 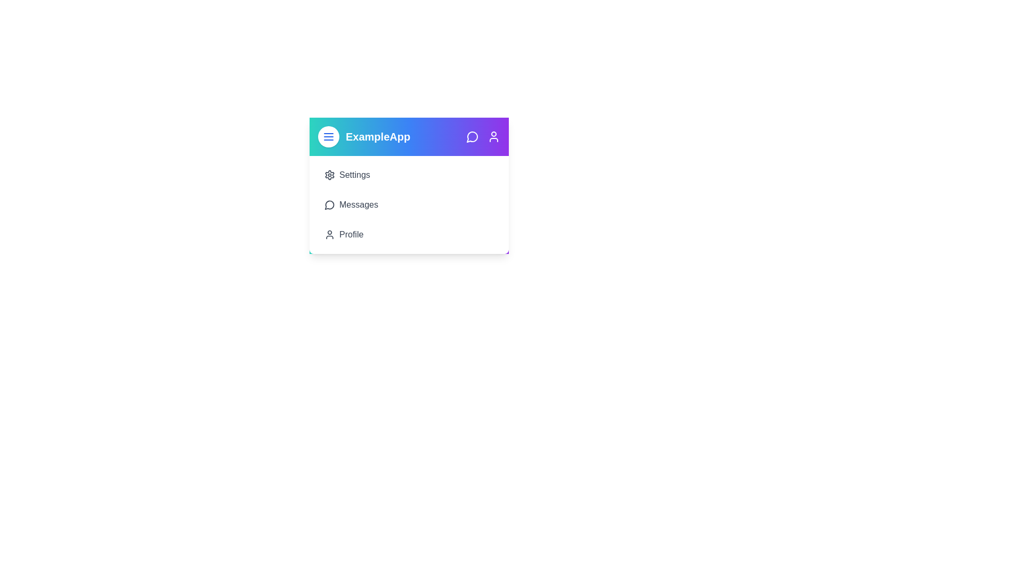 What do you see at coordinates (328, 136) in the screenshot?
I see `the menu button to toggle the visibility of the navigation menu` at bounding box center [328, 136].